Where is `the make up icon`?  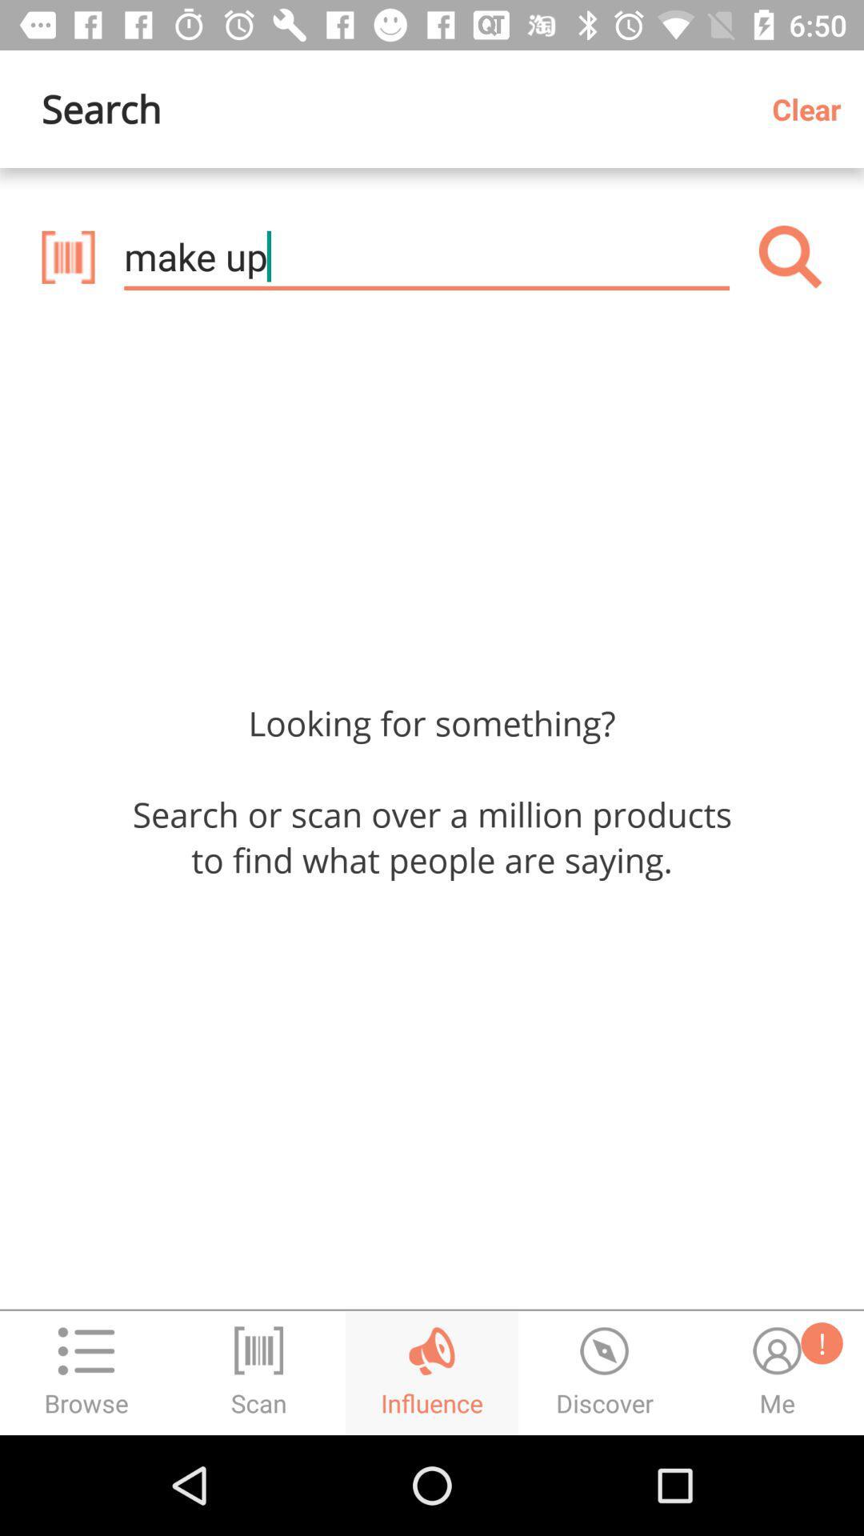
the make up icon is located at coordinates (426, 257).